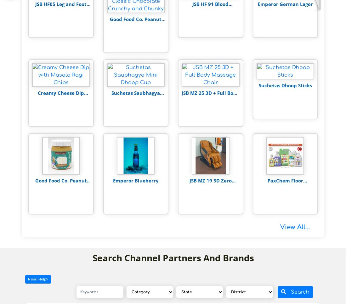  What do you see at coordinates (35, 7) in the screenshot?
I see `'JSB HF05 Leg and Foot Massager'` at bounding box center [35, 7].